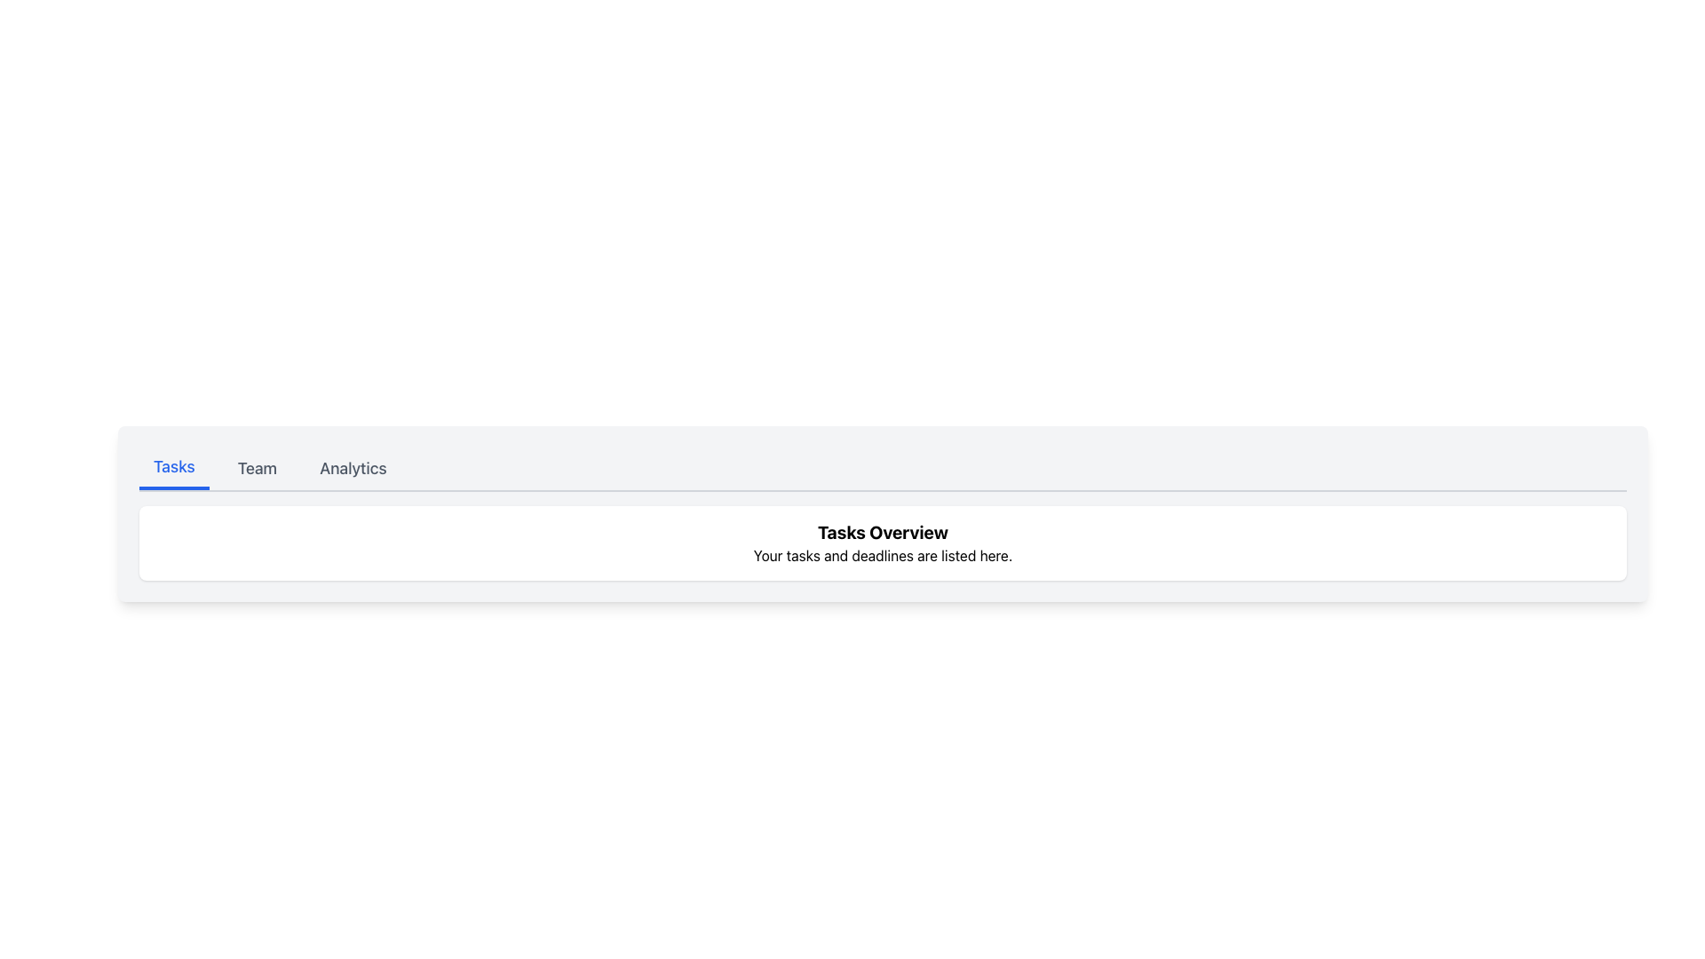  I want to click on the second tab from the left in the horizontal navigation bar, so click(256, 468).